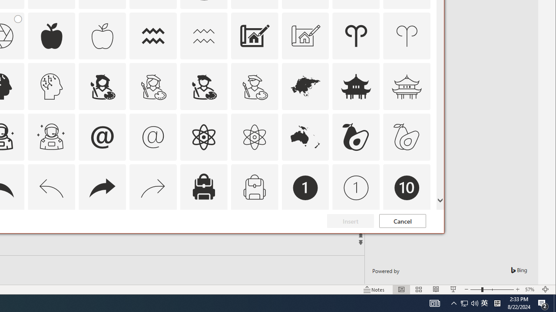  Describe the element at coordinates (153, 238) in the screenshot. I see `'AutomationID: Icons_Badge7'` at that location.